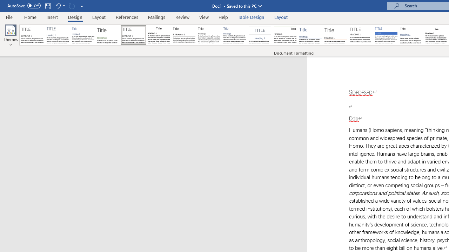 Image resolution: width=449 pixels, height=252 pixels. What do you see at coordinates (182, 17) in the screenshot?
I see `'Review'` at bounding box center [182, 17].